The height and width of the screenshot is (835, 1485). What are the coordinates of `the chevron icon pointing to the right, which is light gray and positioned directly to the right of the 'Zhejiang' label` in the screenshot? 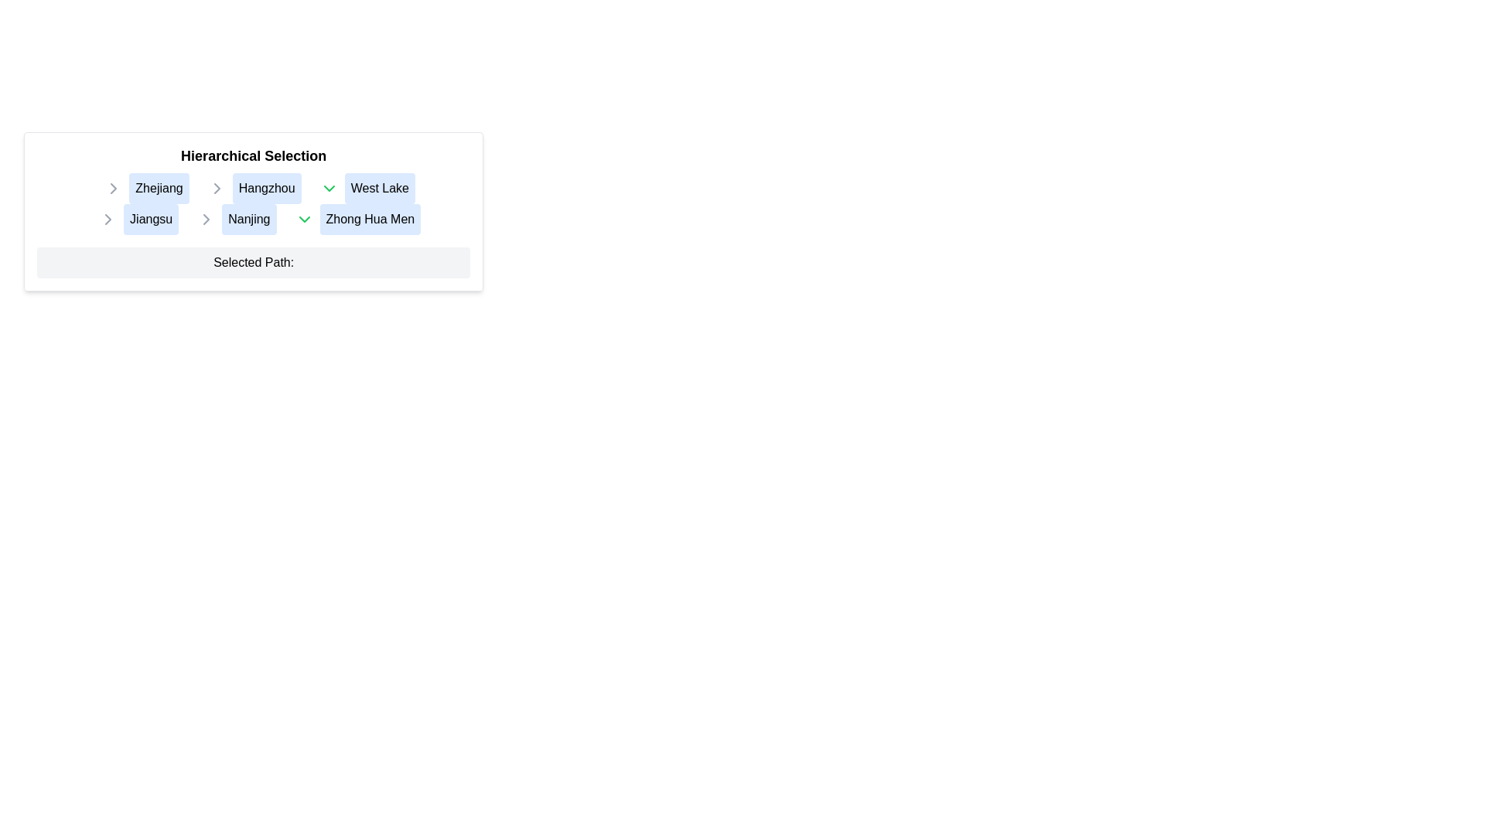 It's located at (113, 187).